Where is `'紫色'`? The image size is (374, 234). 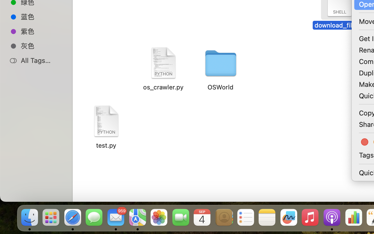 '紫色' is located at coordinates (41, 31).